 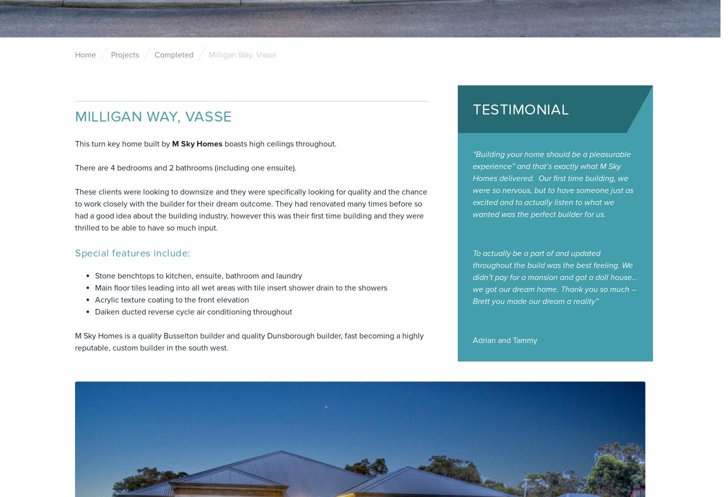 I want to click on 'Acrylic texture coating to the front elevation', so click(x=172, y=299).